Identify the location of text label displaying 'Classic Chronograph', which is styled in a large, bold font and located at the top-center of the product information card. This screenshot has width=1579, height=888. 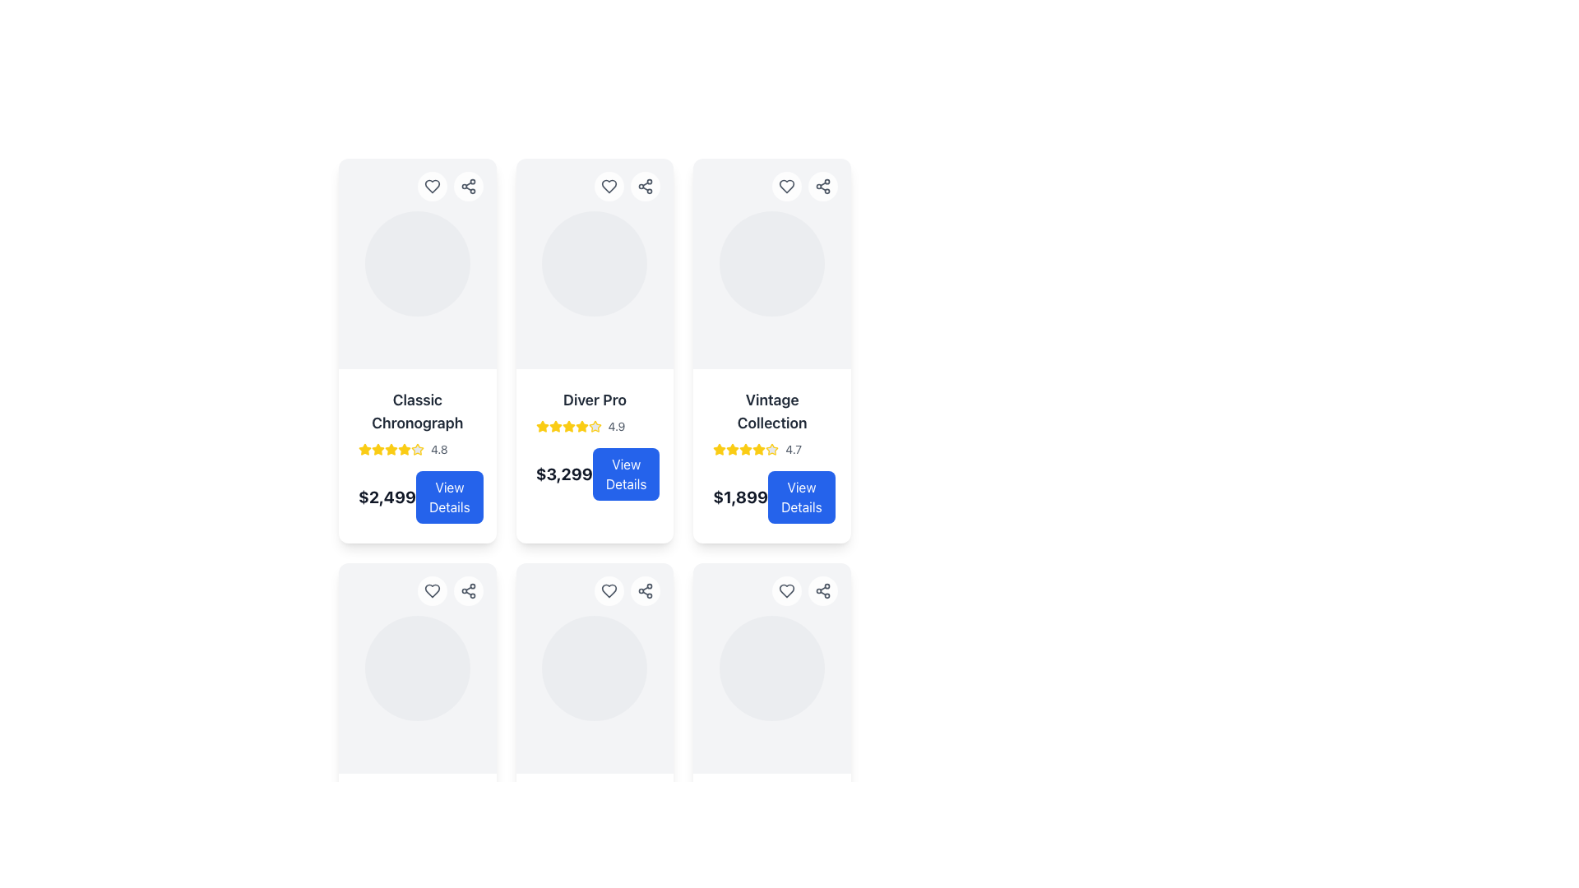
(417, 411).